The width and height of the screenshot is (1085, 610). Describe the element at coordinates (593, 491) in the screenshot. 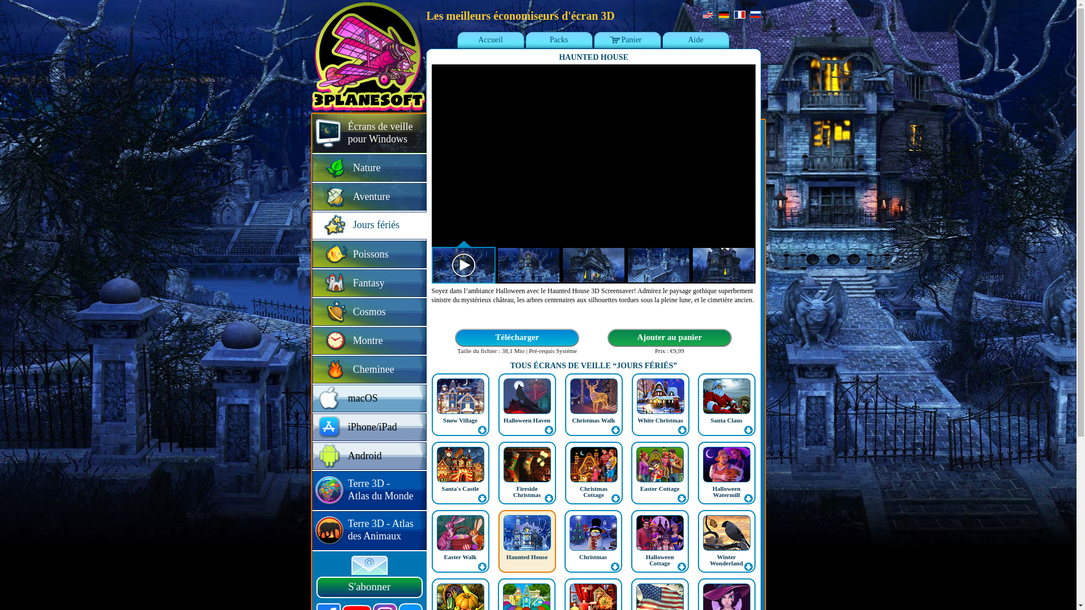

I see `'Christmas Cottage'` at that location.